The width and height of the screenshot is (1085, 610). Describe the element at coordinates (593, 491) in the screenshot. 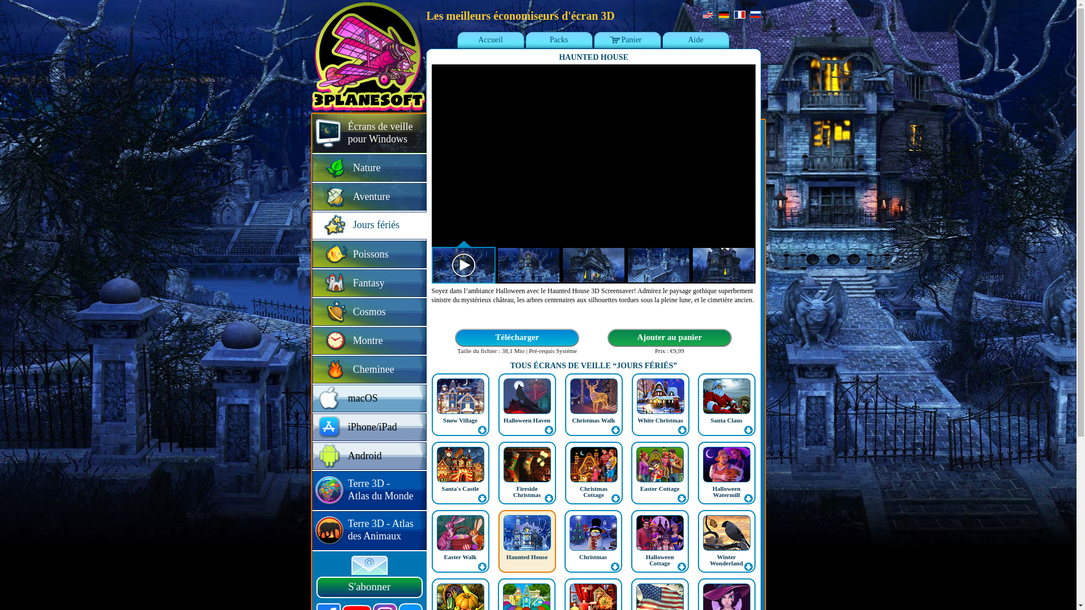

I see `'Christmas Cottage'` at that location.